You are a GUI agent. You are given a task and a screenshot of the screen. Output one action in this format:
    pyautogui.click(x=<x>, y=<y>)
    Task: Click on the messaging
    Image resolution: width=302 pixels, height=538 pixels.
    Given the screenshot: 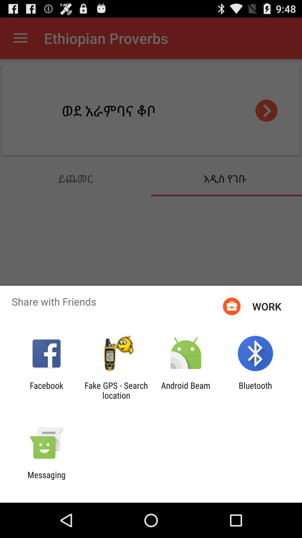 What is the action you would take?
    pyautogui.click(x=46, y=479)
    